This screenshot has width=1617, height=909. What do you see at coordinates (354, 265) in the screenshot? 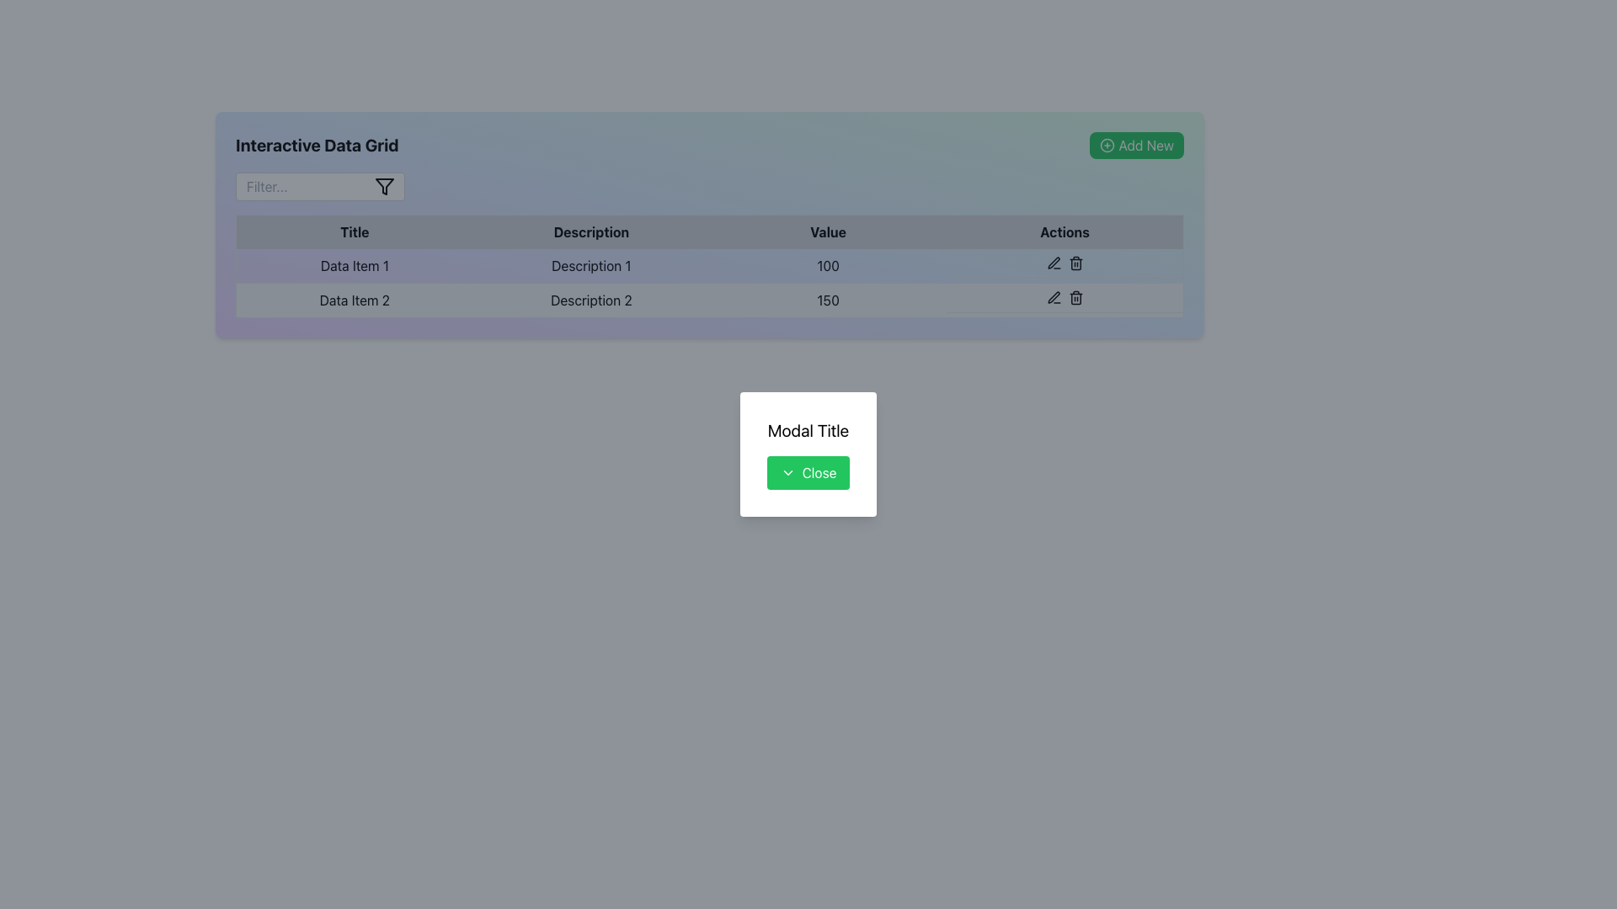
I see `the text label displaying 'Data Item 1' in the 'Title' column of the data grid` at bounding box center [354, 265].